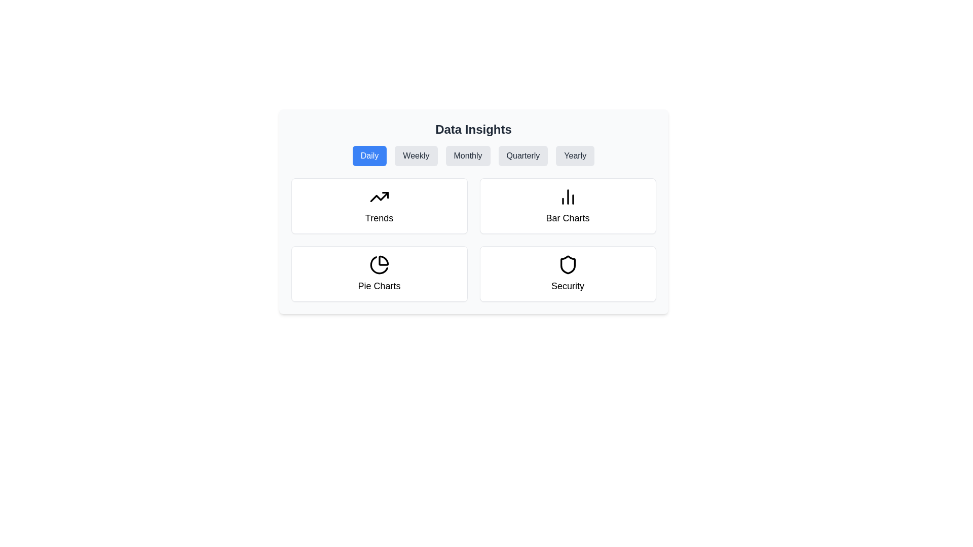  What do you see at coordinates (416, 156) in the screenshot?
I see `the 'Weekly' button, which is the second element in a row of buttons for filtering data insights` at bounding box center [416, 156].